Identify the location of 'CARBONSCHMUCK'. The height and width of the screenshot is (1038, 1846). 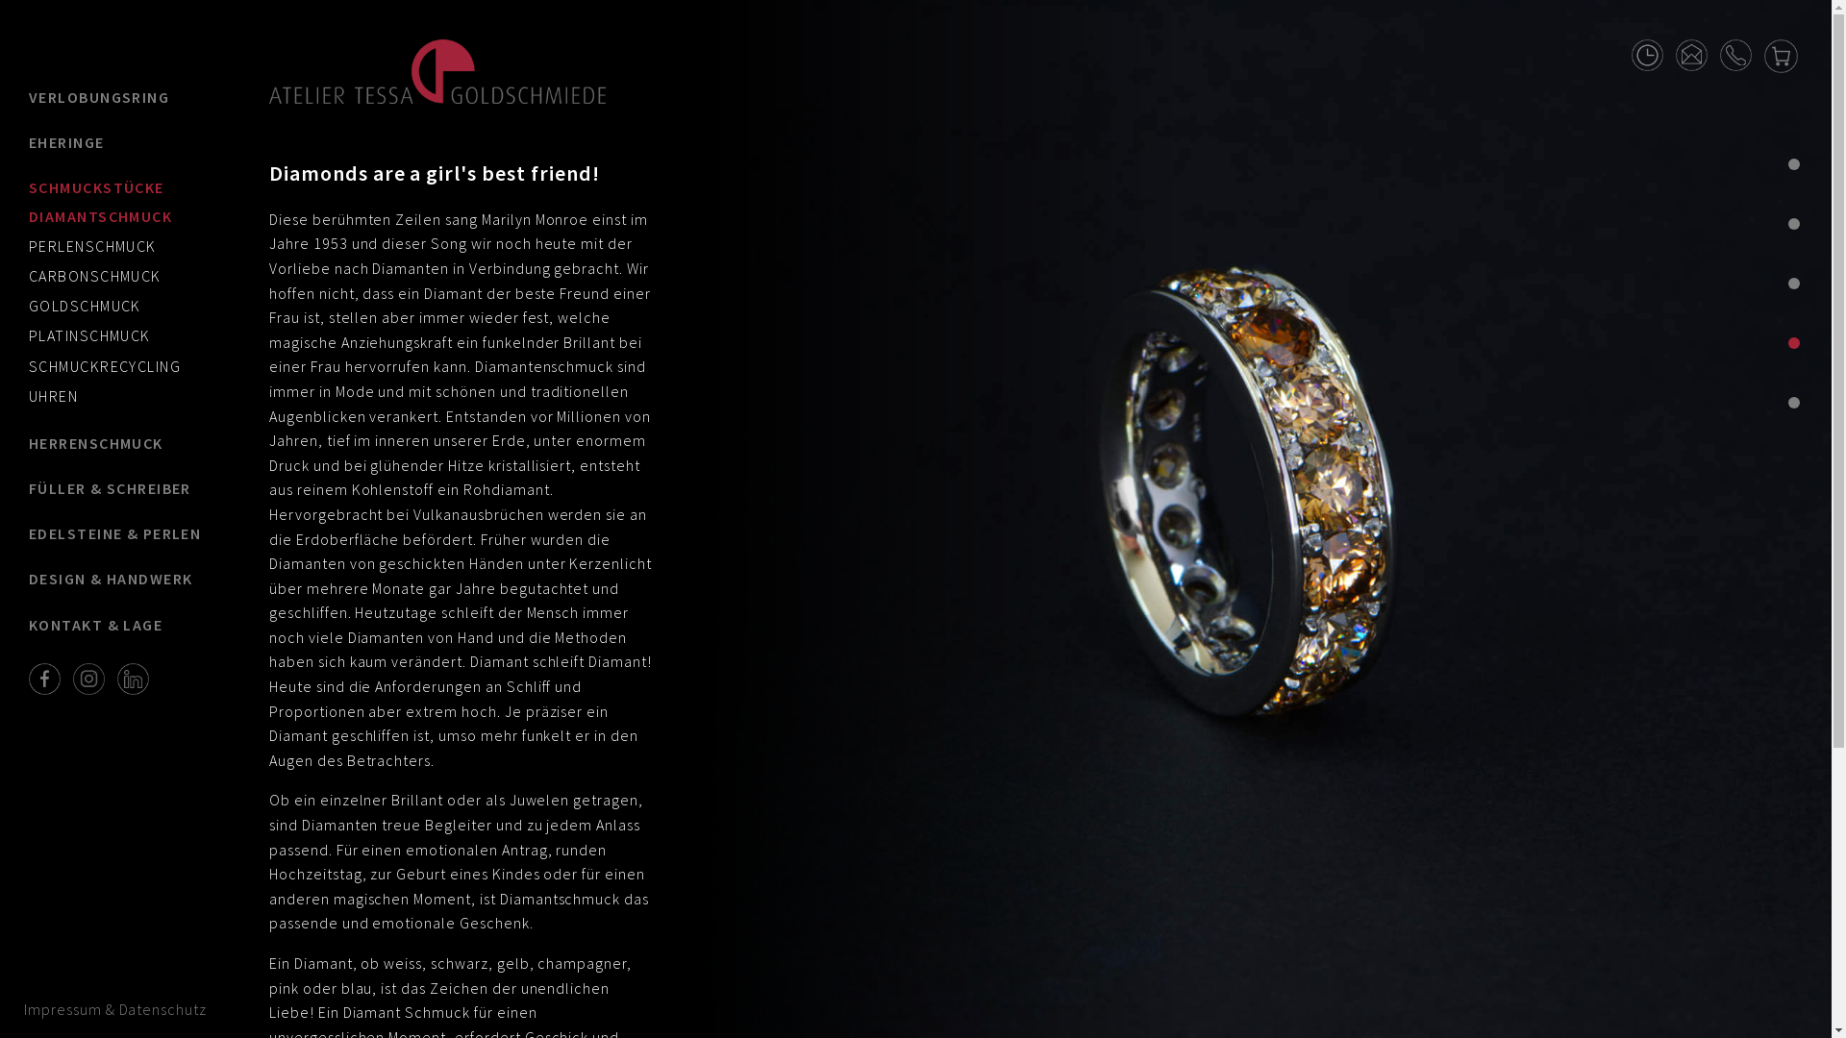
(94, 275).